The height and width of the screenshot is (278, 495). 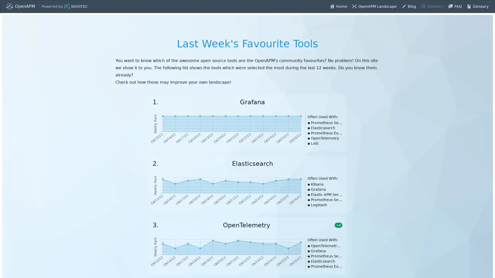 I want to click on book Glossary, so click(x=477, y=6).